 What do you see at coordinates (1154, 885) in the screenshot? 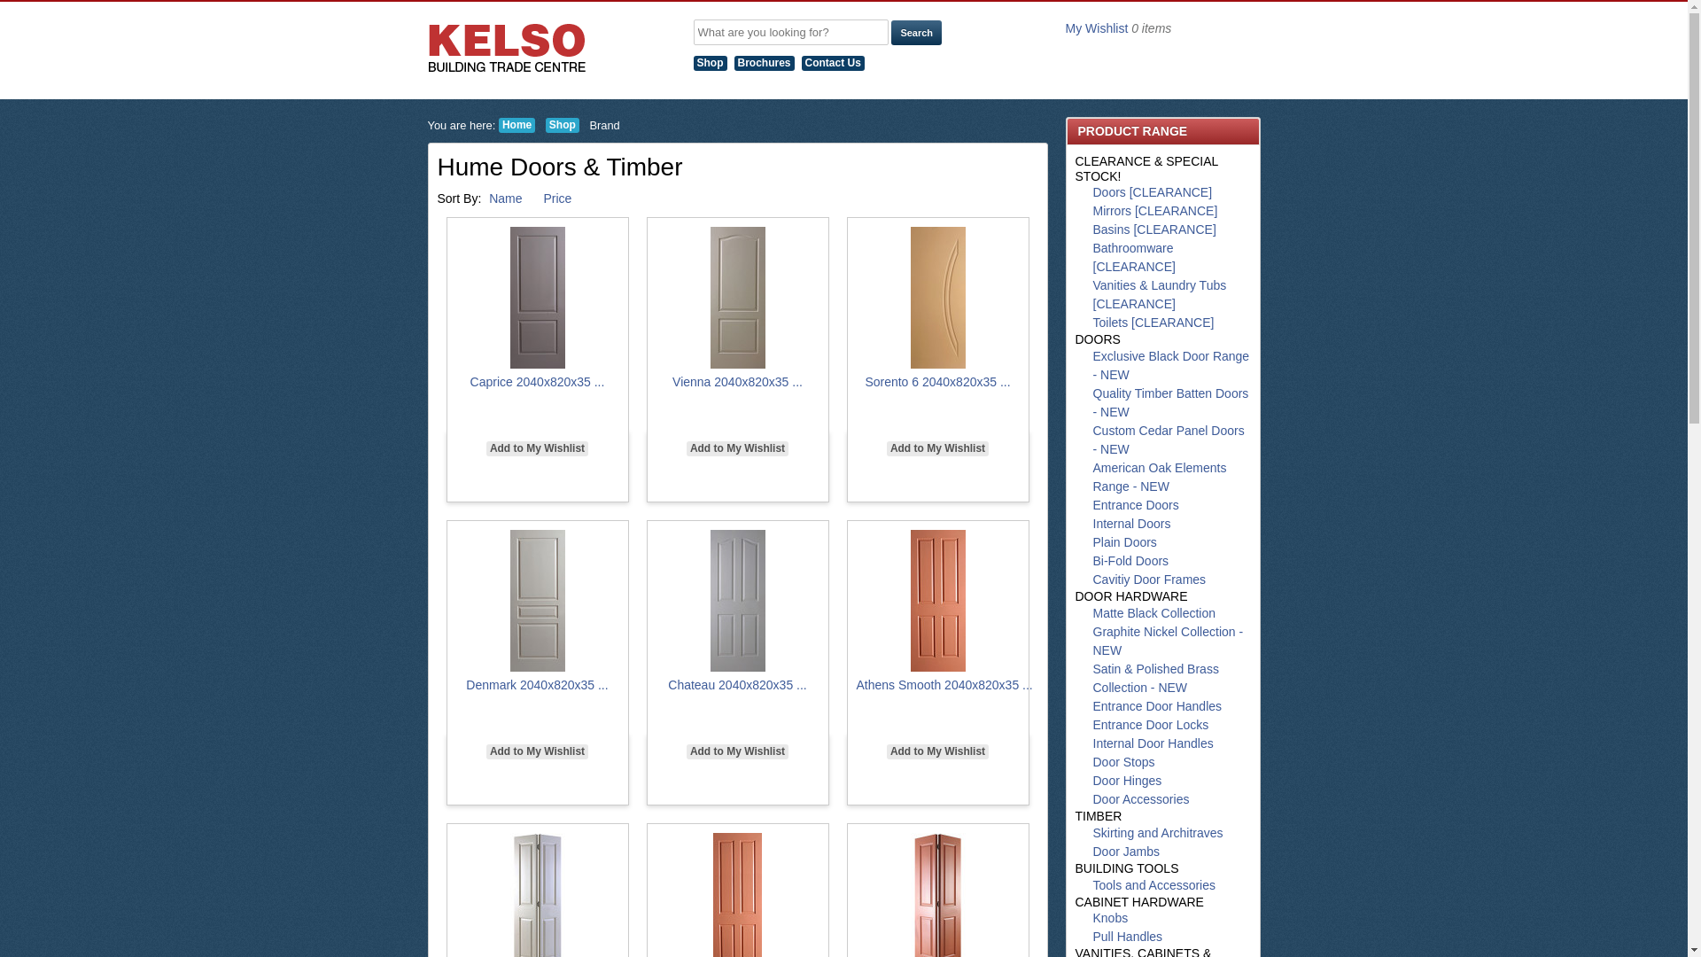
I see `'Tools and Accessories'` at bounding box center [1154, 885].